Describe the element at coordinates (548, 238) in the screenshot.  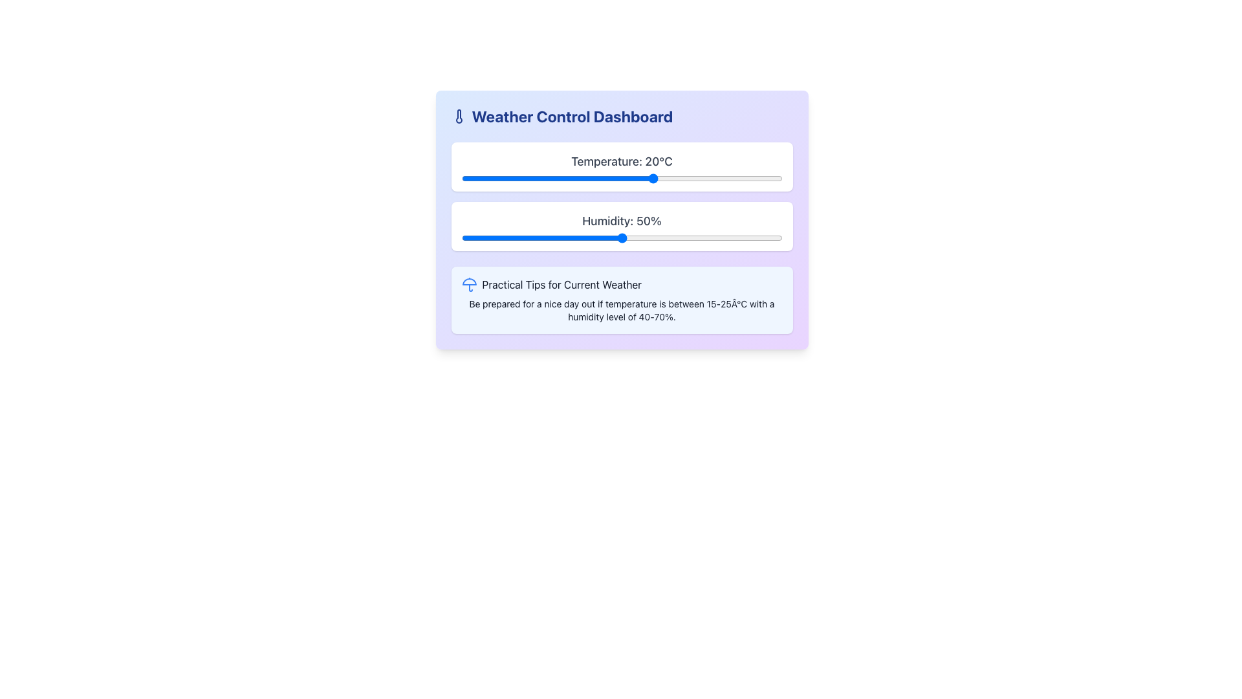
I see `the humidity` at that location.